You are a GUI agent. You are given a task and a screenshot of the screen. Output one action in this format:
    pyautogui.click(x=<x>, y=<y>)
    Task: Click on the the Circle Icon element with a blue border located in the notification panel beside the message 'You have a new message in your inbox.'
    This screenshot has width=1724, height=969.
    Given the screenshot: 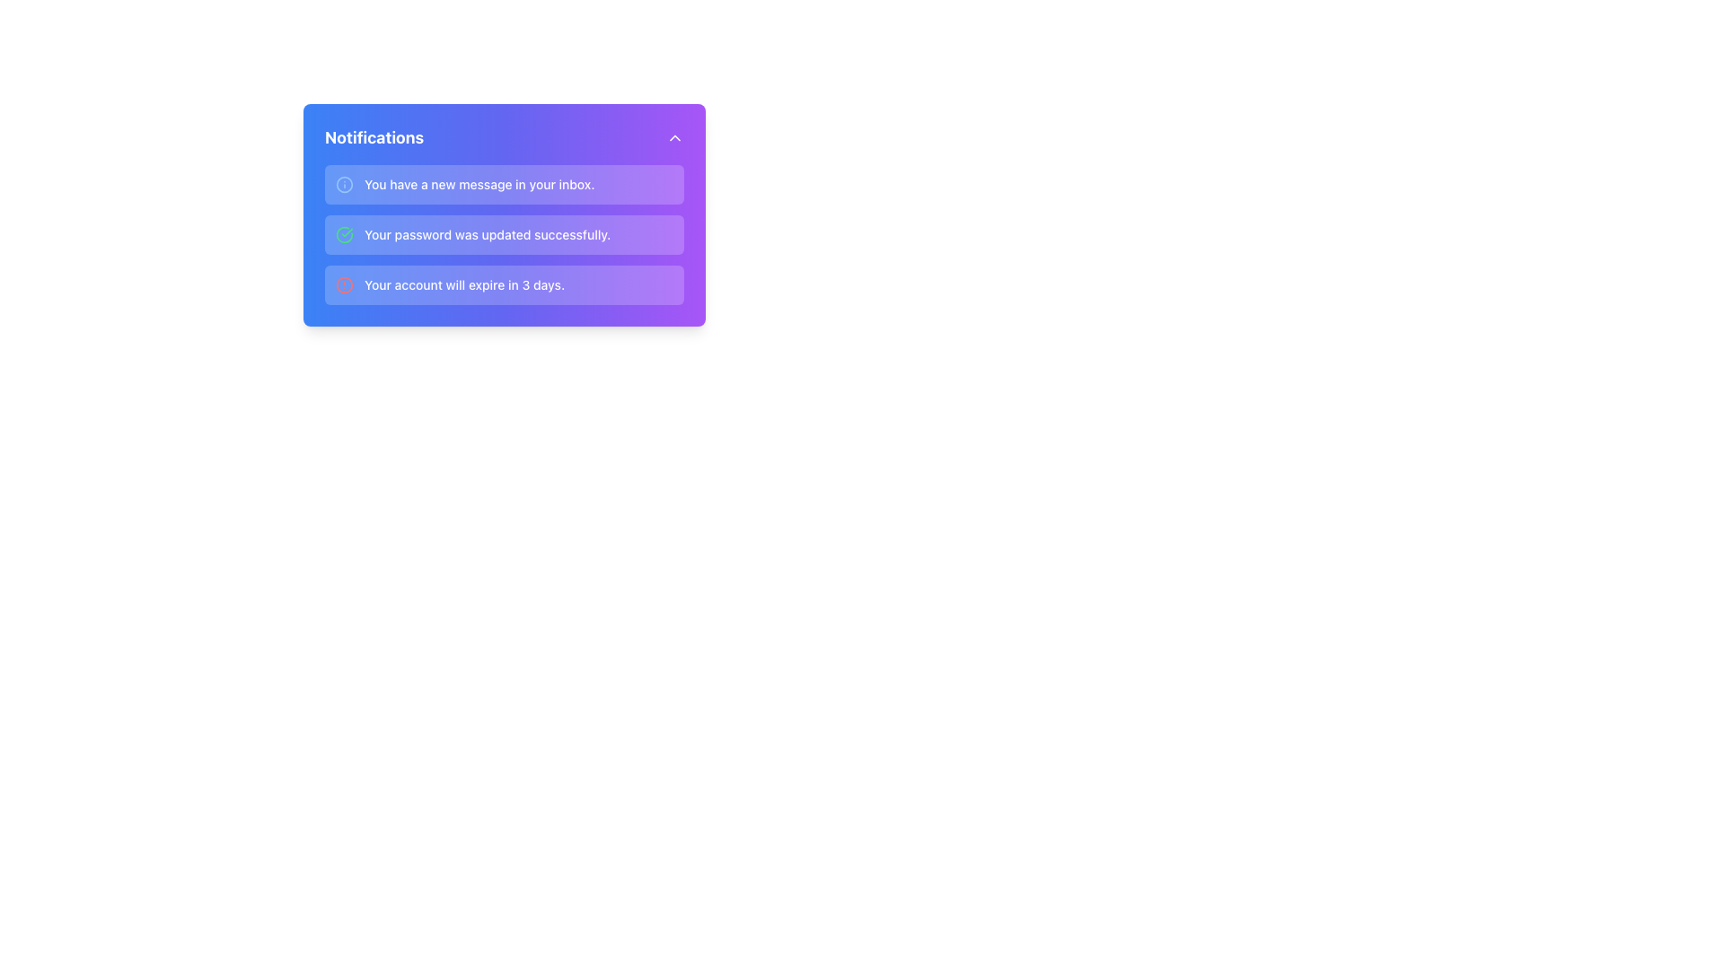 What is the action you would take?
    pyautogui.click(x=345, y=184)
    